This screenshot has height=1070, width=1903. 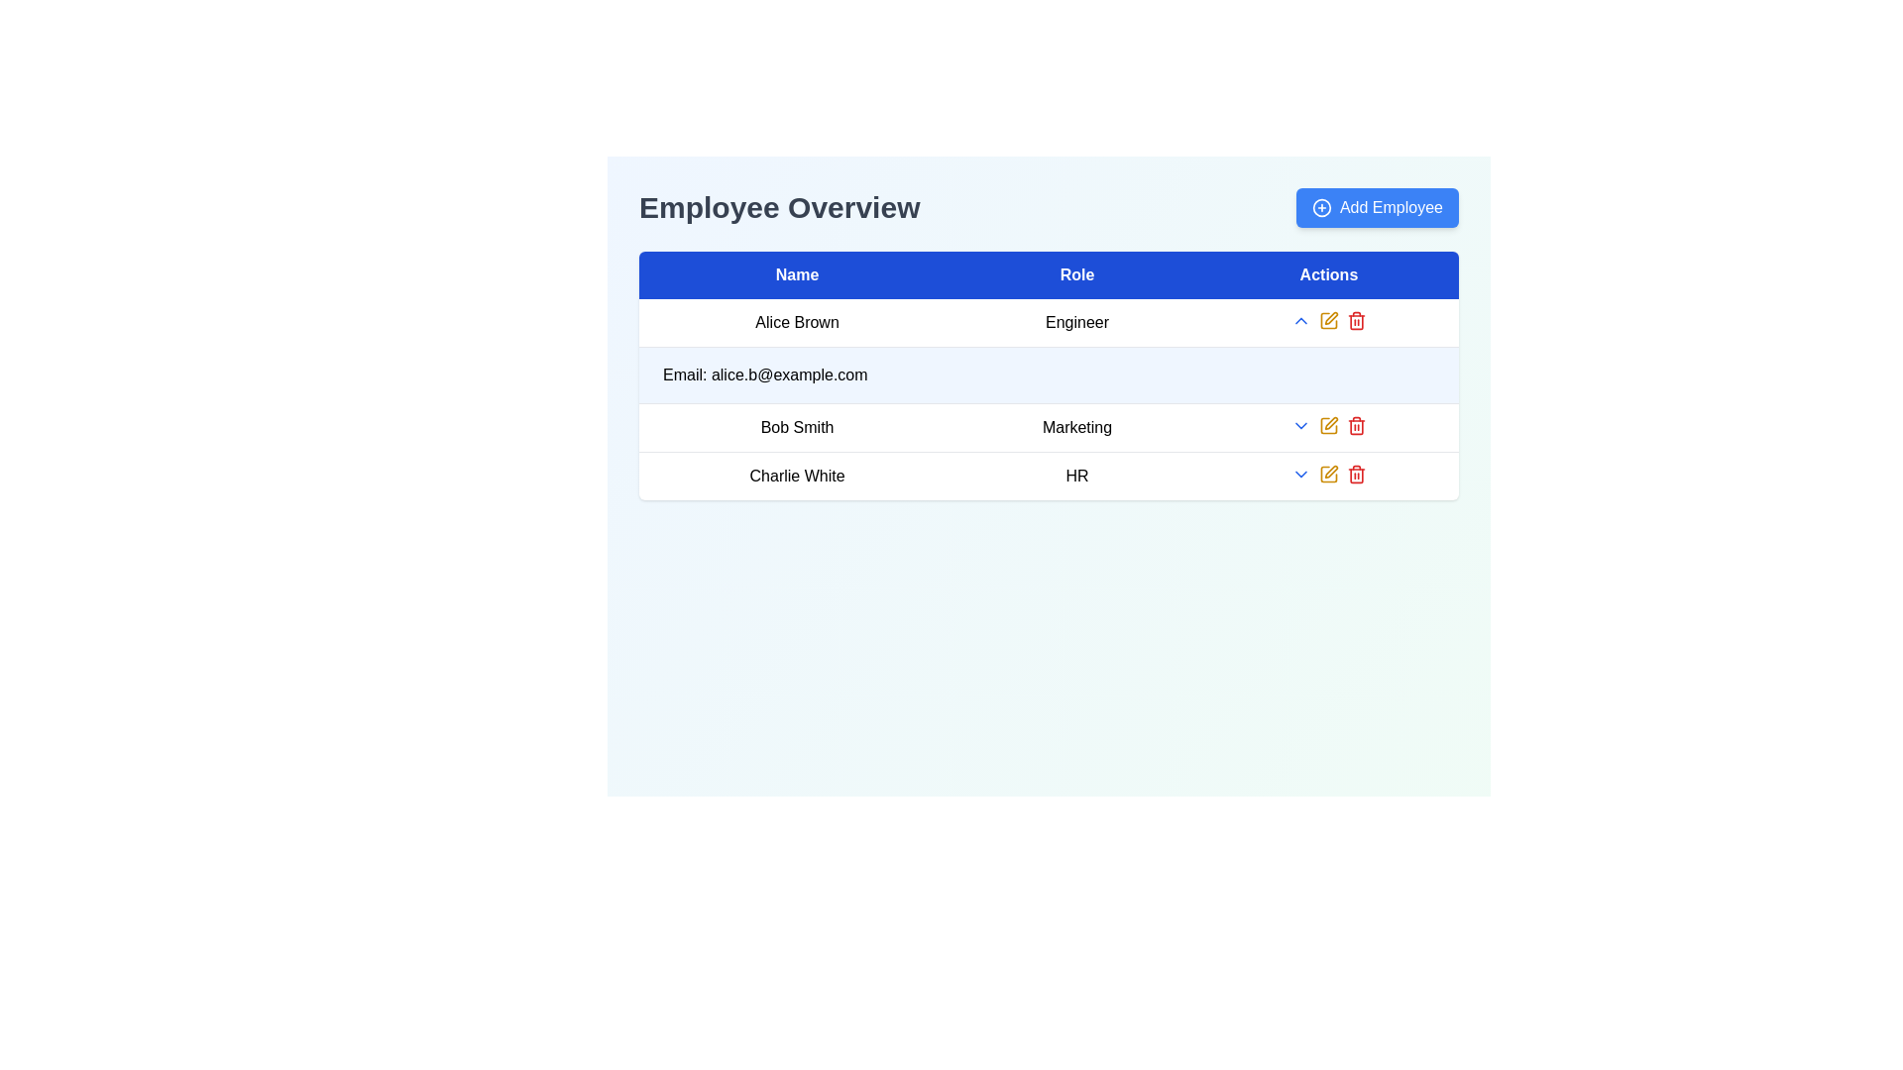 What do you see at coordinates (1328, 274) in the screenshot?
I see `the 'Actions' column header in the table, which has a solid blue background and white bold text, located as the third column from the left` at bounding box center [1328, 274].